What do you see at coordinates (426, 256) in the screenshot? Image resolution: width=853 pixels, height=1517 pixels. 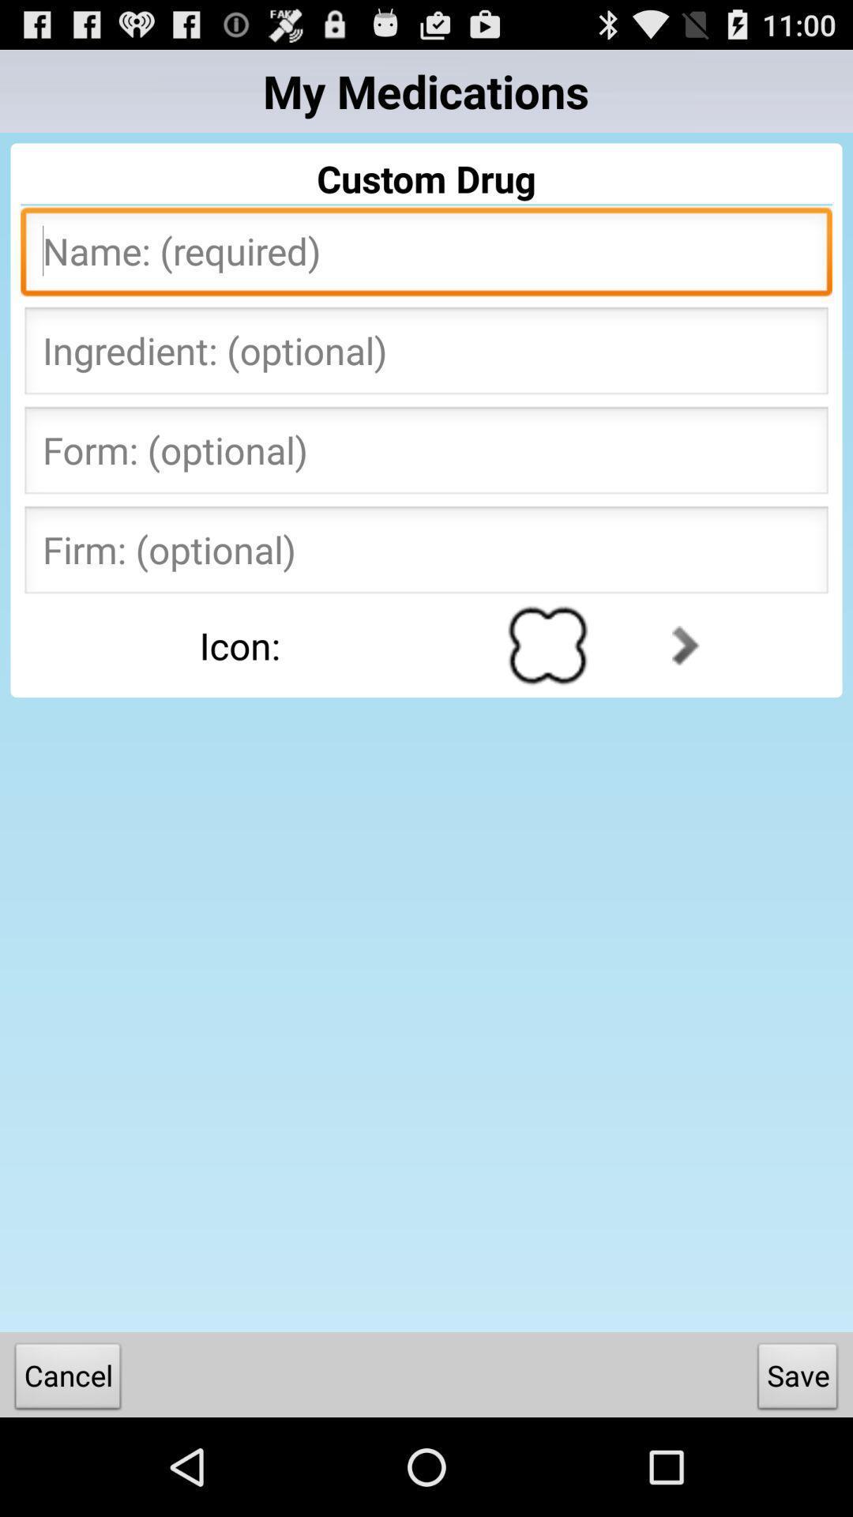 I see `name` at bounding box center [426, 256].